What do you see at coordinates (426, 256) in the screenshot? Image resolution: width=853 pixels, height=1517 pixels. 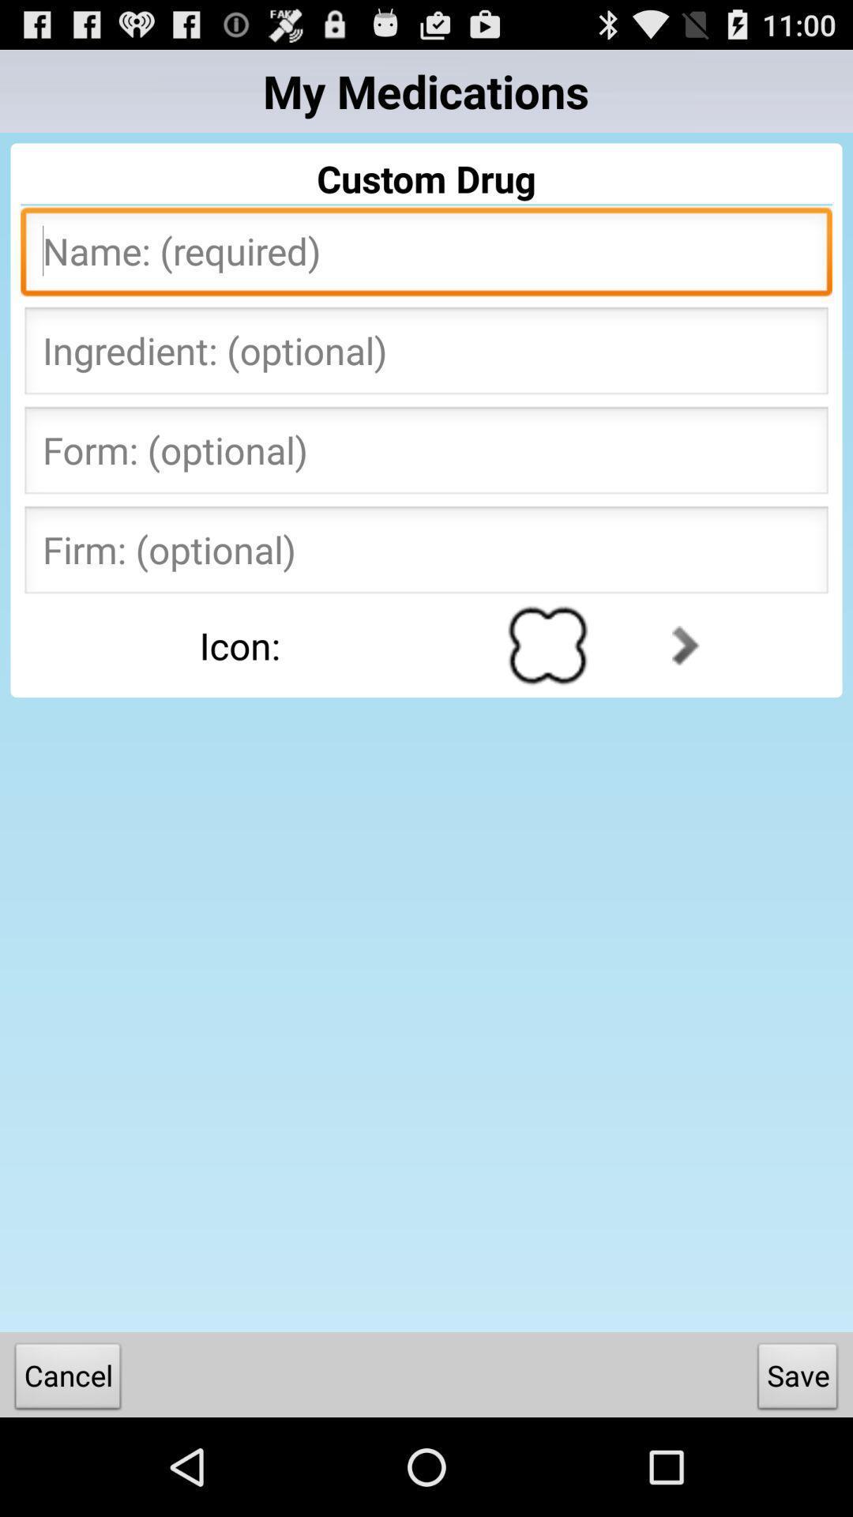 I see `name` at bounding box center [426, 256].